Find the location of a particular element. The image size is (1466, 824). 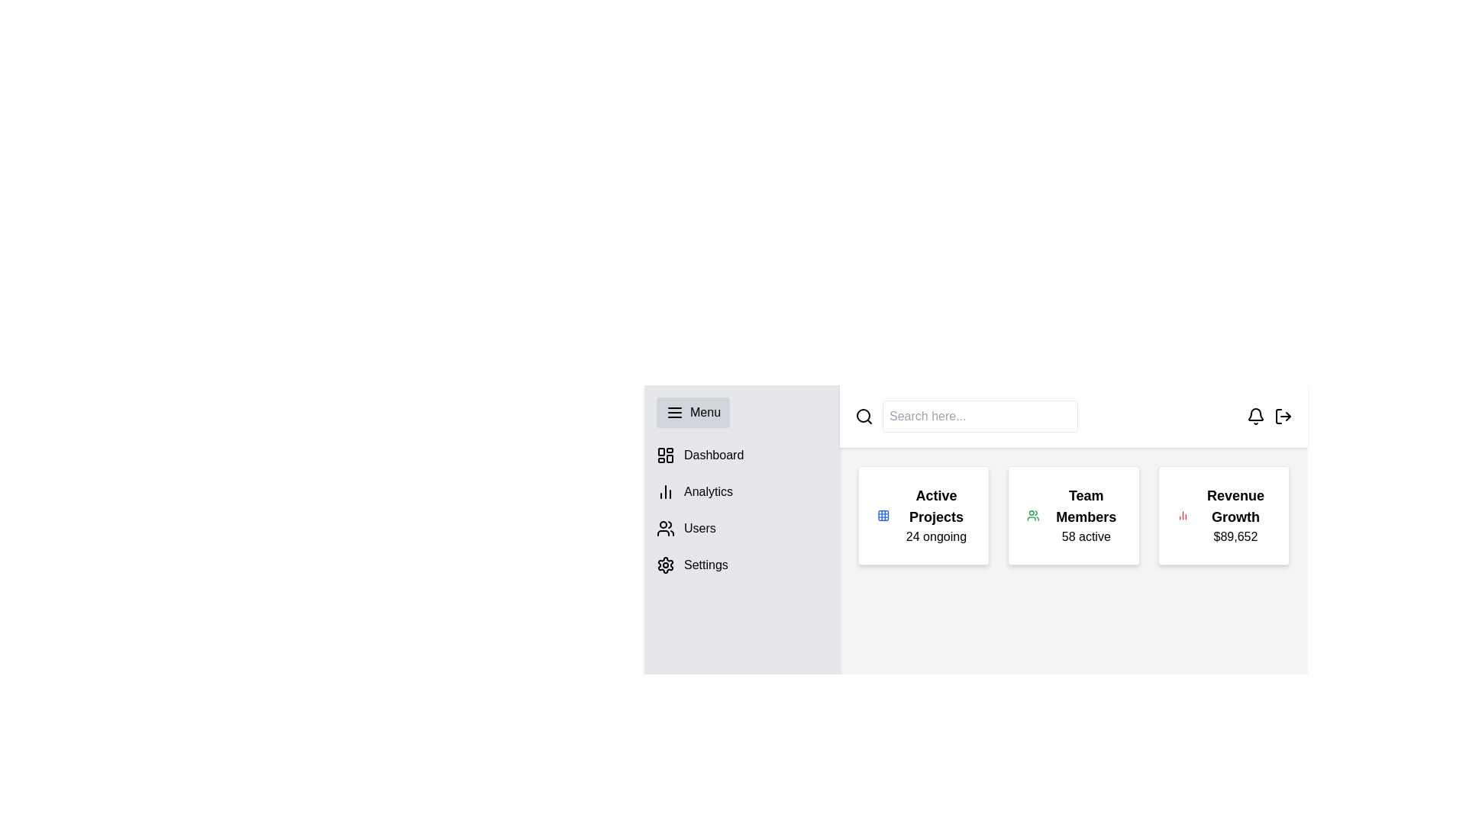

the 'Team Members' text display block, which features a bold title and smaller text indicating '58 active', located on the second card in a row of cards is located at coordinates (1085, 515).